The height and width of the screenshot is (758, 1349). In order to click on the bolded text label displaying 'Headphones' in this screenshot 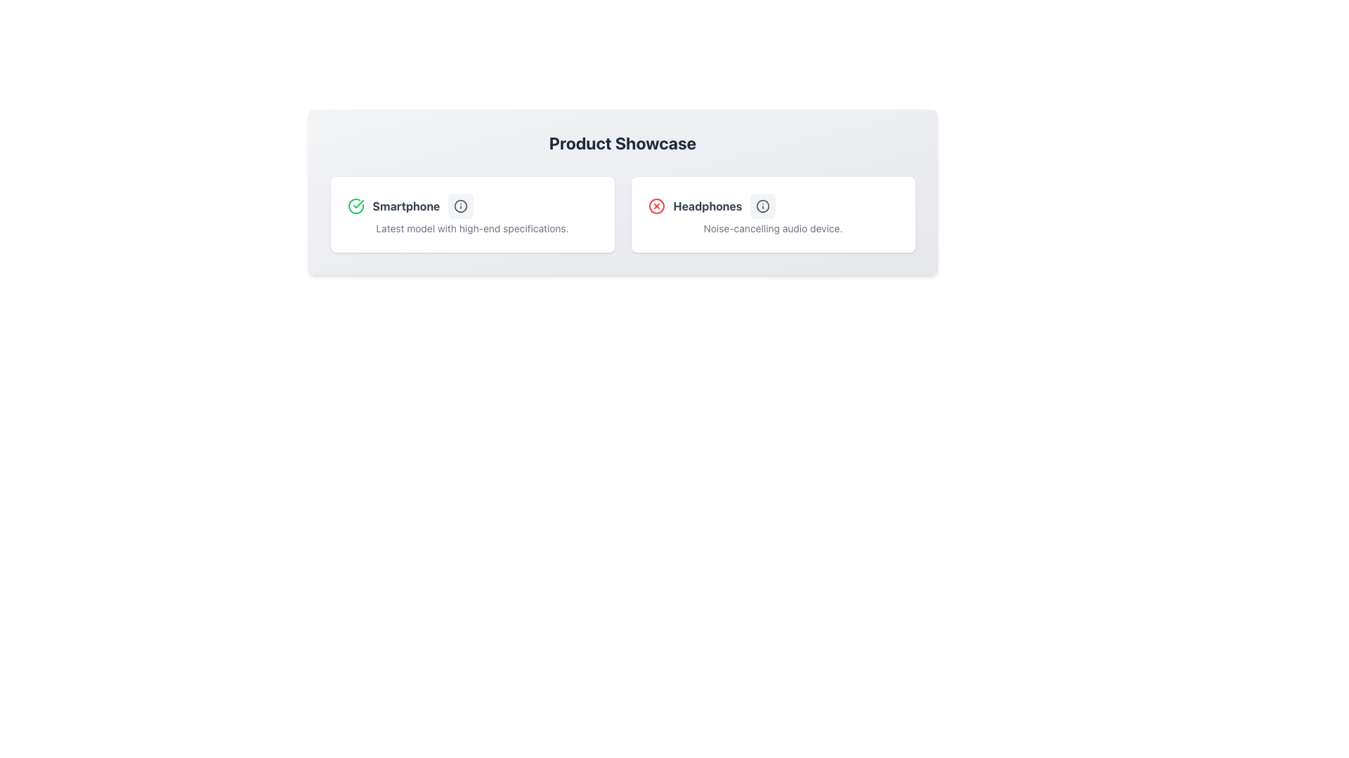, I will do `click(708, 206)`.